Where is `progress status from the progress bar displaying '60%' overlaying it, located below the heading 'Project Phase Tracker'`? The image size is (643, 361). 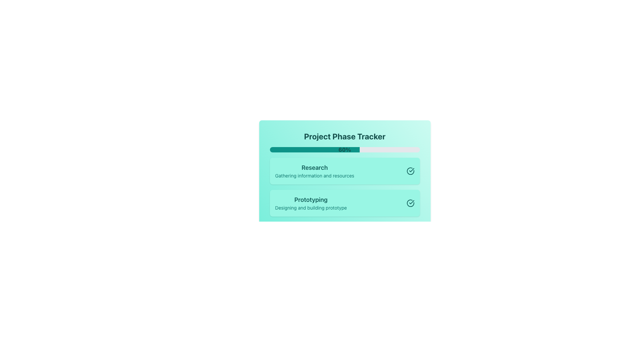 progress status from the progress bar displaying '60%' overlaying it, located below the heading 'Project Phase Tracker' is located at coordinates (345, 149).